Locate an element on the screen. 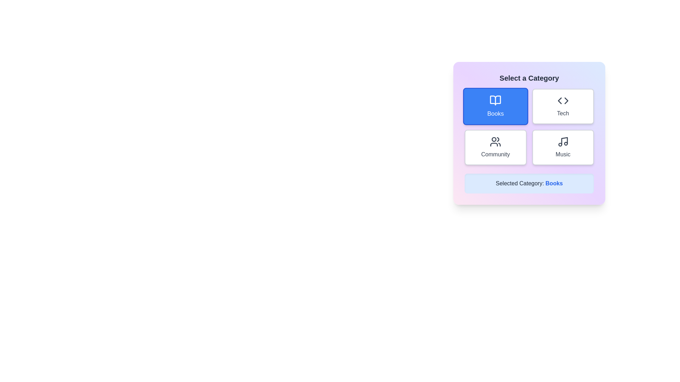 The width and height of the screenshot is (680, 382). the category button for Books is located at coordinates (495, 106).